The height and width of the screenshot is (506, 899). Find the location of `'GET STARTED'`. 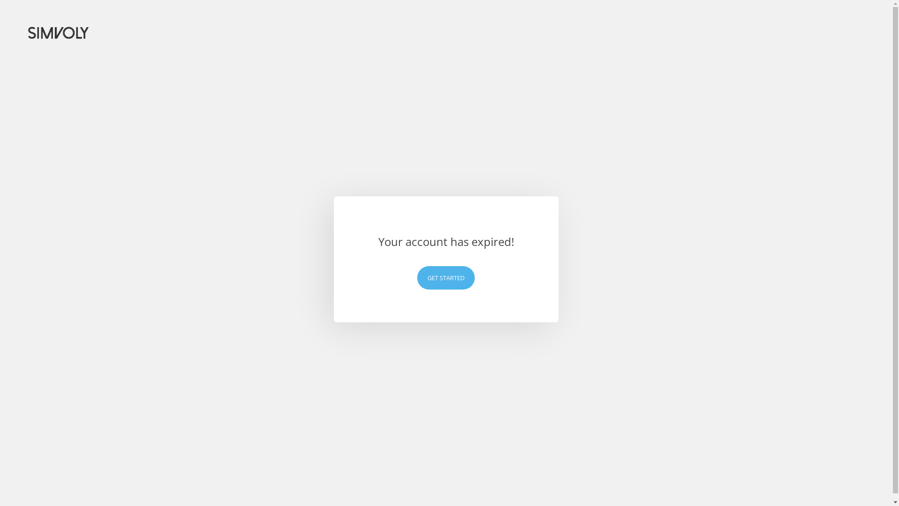

'GET STARTED' is located at coordinates (417, 277).